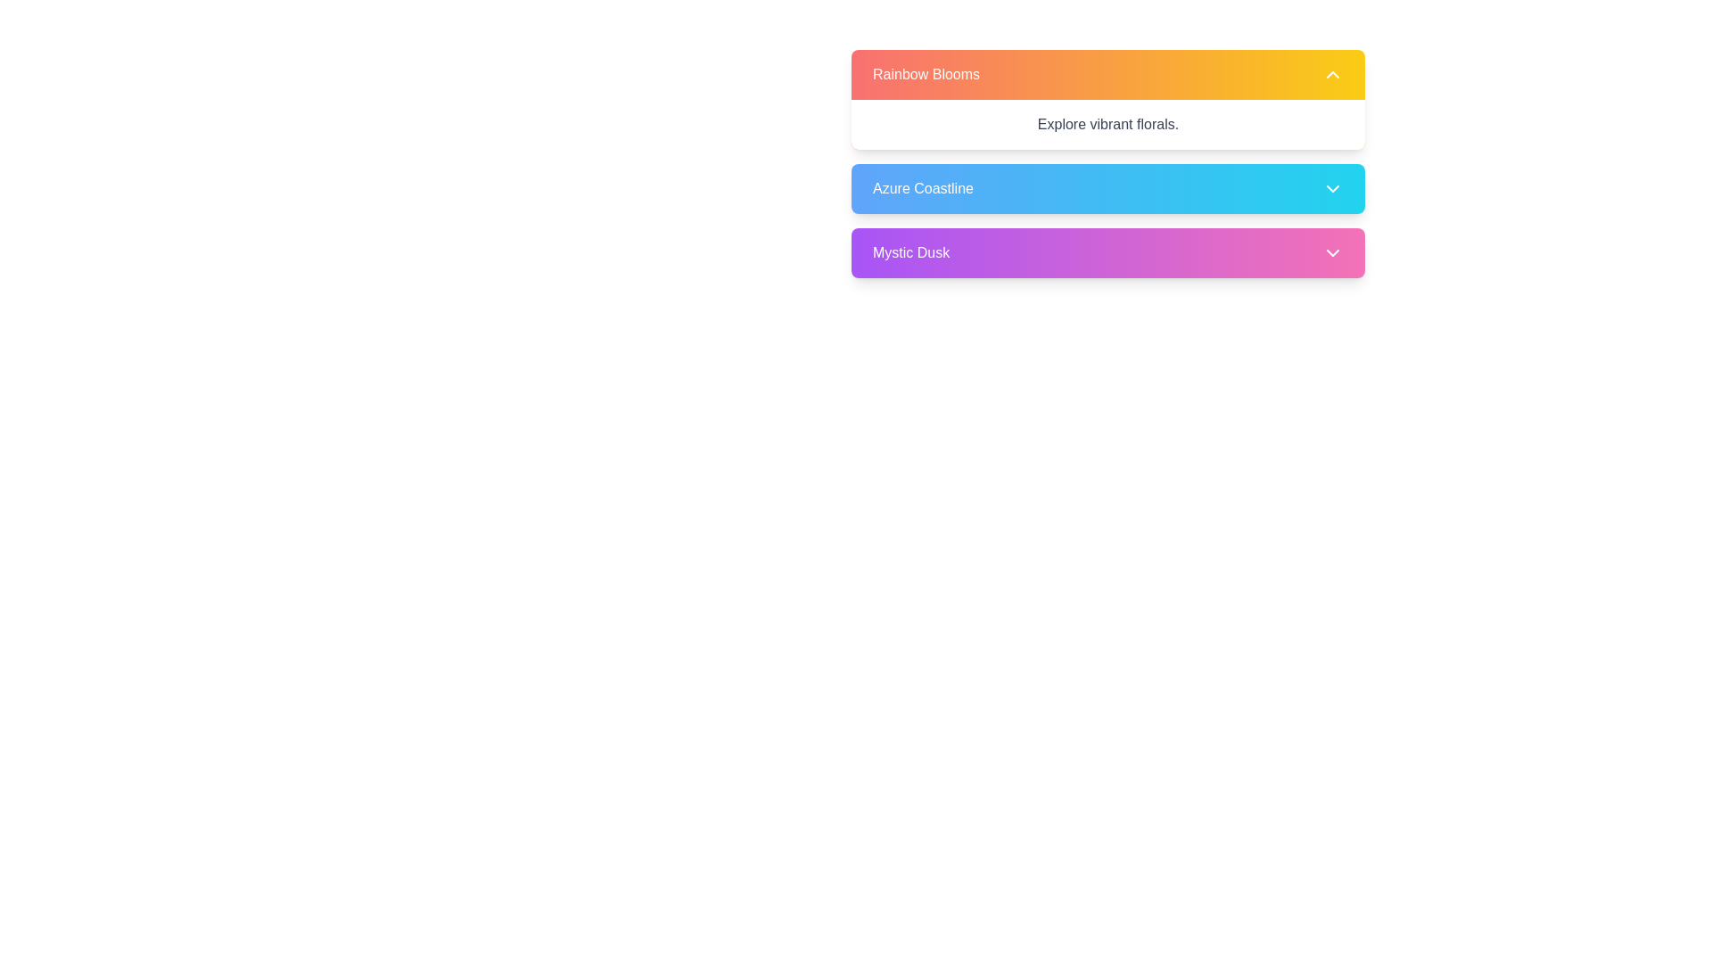 This screenshot has width=1712, height=963. I want to click on the second collapsible header located between 'Rainbow Blooms' and 'Mystic Dusk', so click(1107, 171).